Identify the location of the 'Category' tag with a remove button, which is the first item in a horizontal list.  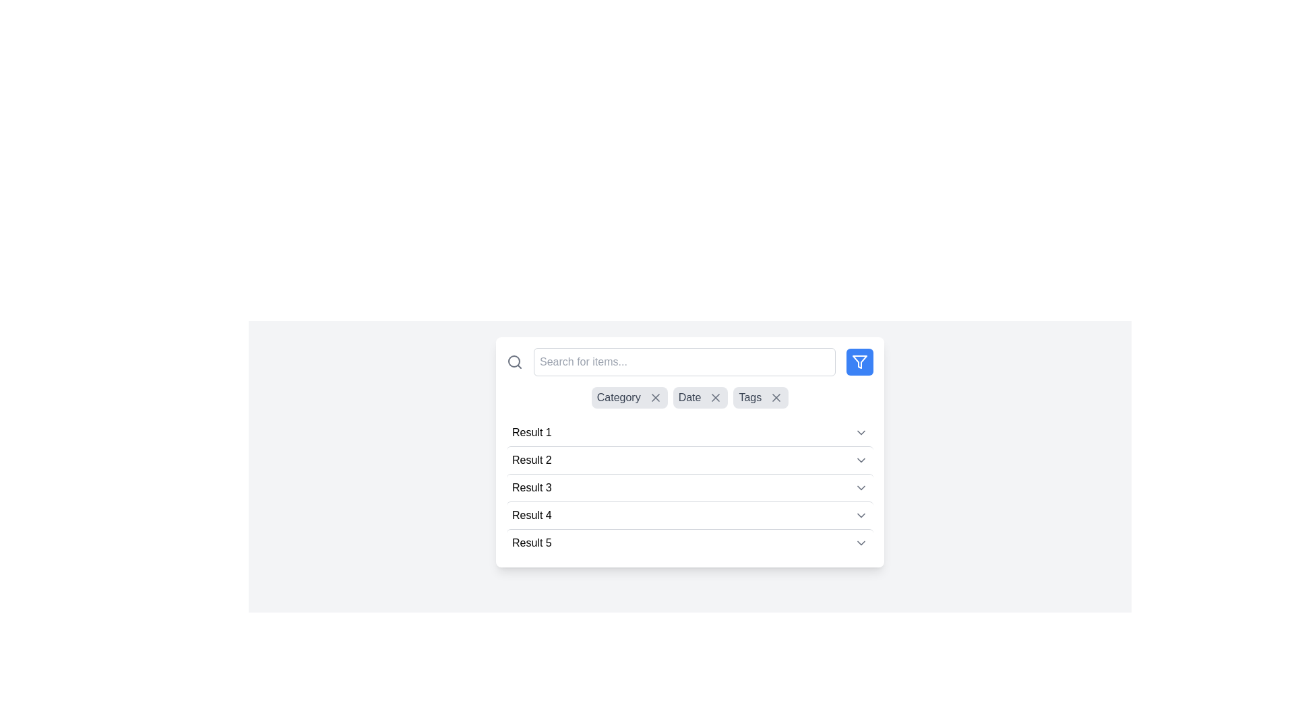
(629, 396).